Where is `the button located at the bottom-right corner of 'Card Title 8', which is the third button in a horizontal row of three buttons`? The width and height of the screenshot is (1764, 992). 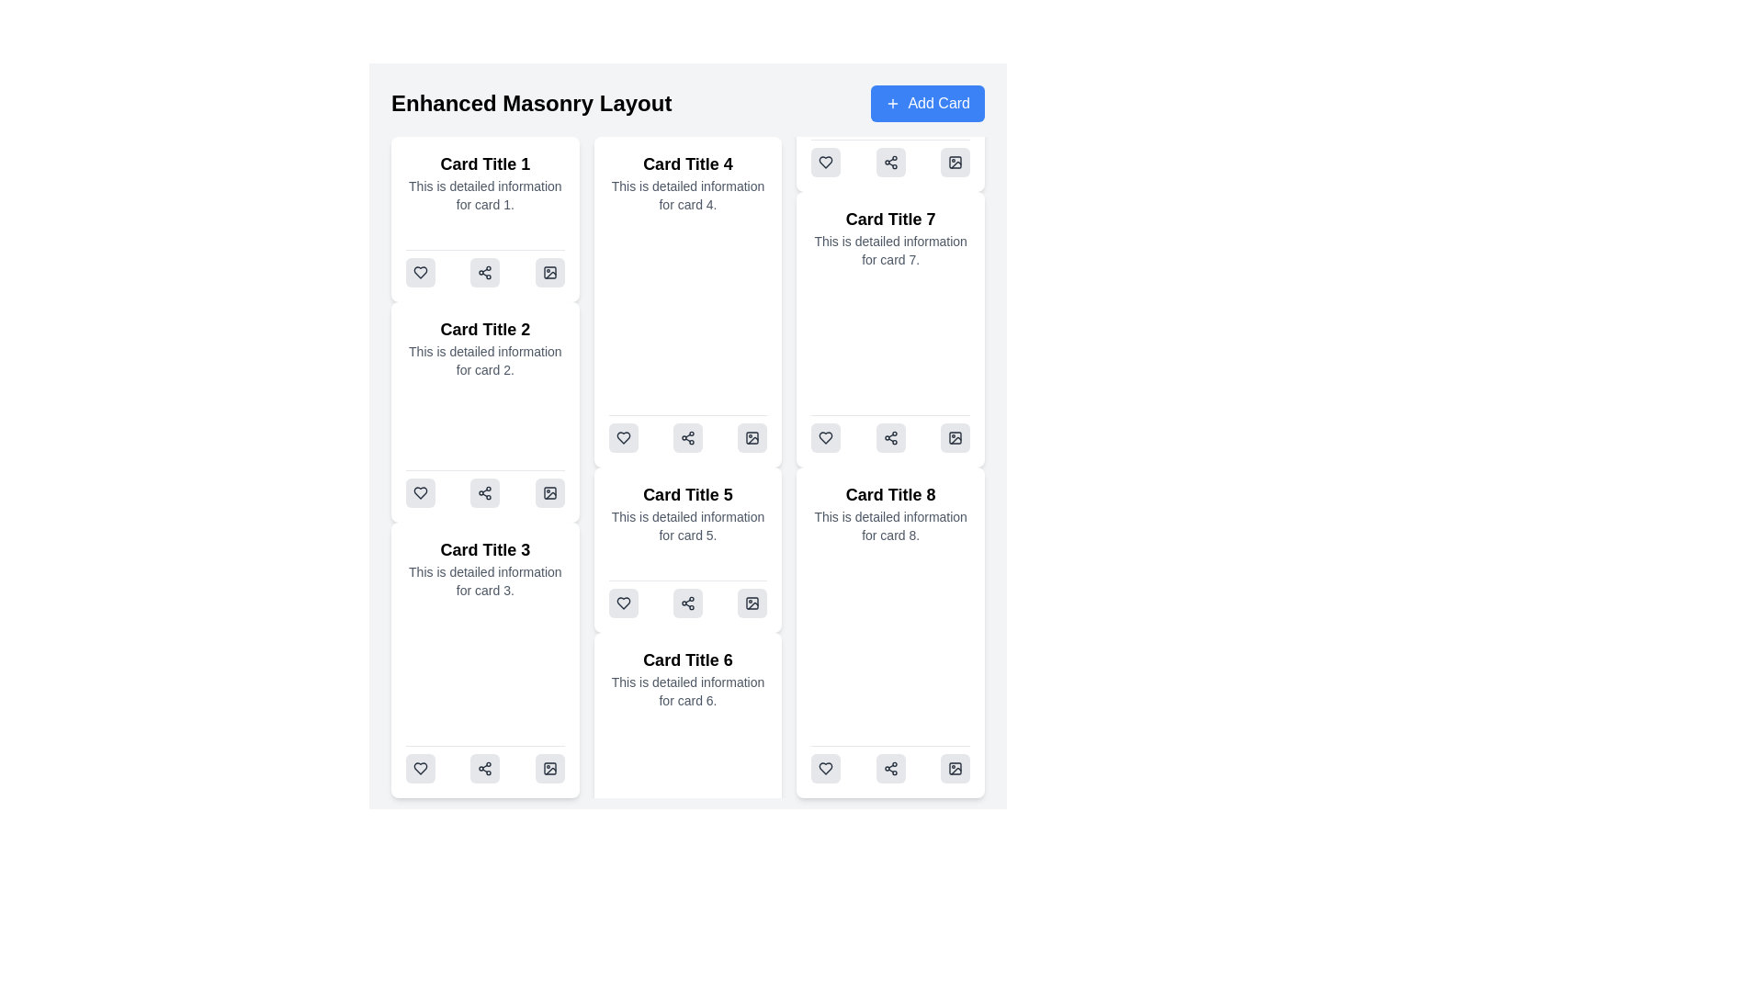 the button located at the bottom-right corner of 'Card Title 8', which is the third button in a horizontal row of three buttons is located at coordinates (955, 438).